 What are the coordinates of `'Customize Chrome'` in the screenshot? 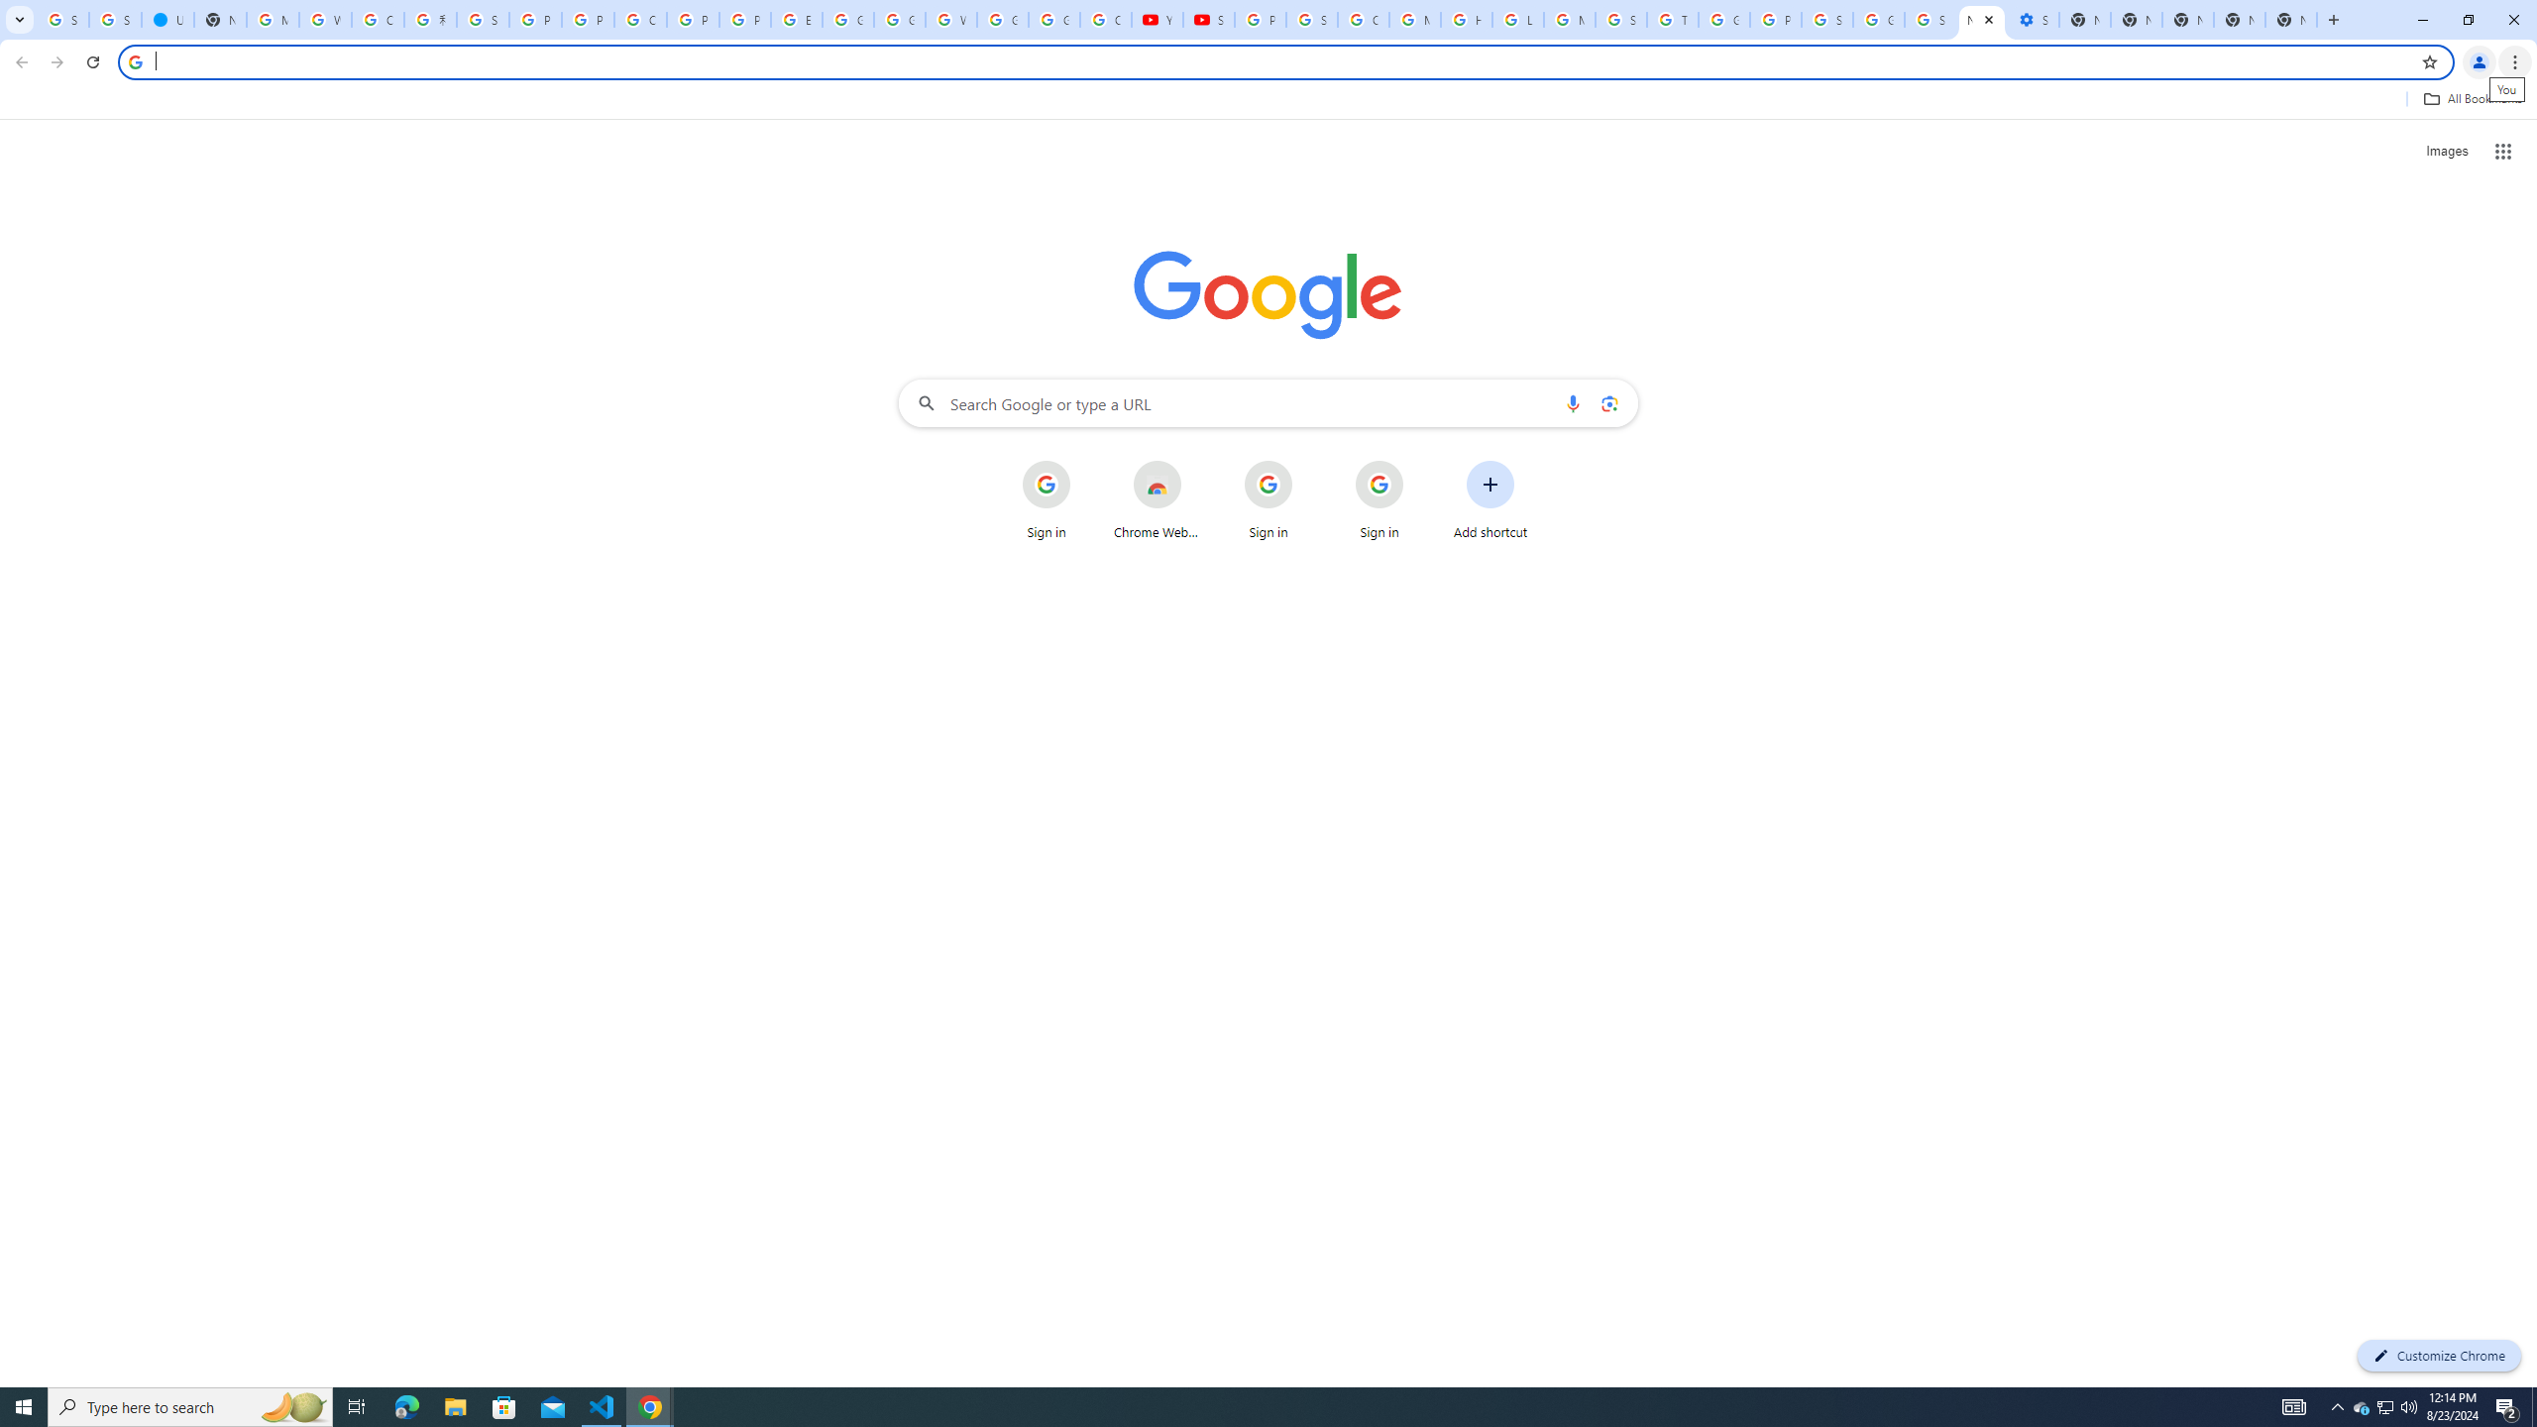 It's located at (2439, 1355).